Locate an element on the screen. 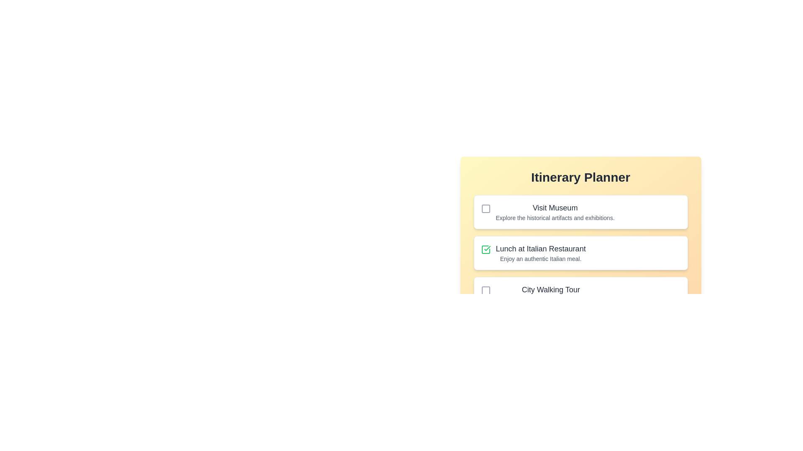 The height and width of the screenshot is (451, 803). the gray square-shaped icon located to the left of the 'Visit Museum' text in the topmost card under 'Itinerary Planner' is located at coordinates (486, 208).